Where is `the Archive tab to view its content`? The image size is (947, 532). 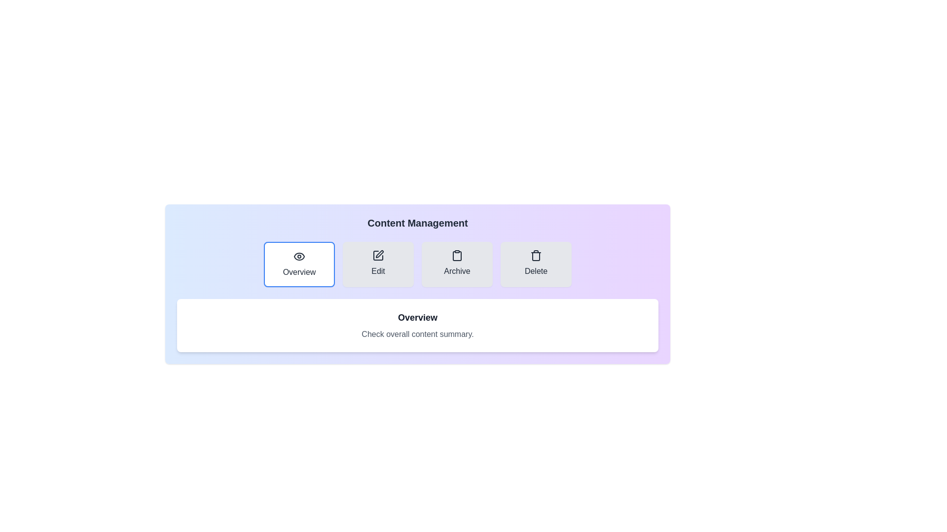 the Archive tab to view its content is located at coordinates (456, 264).